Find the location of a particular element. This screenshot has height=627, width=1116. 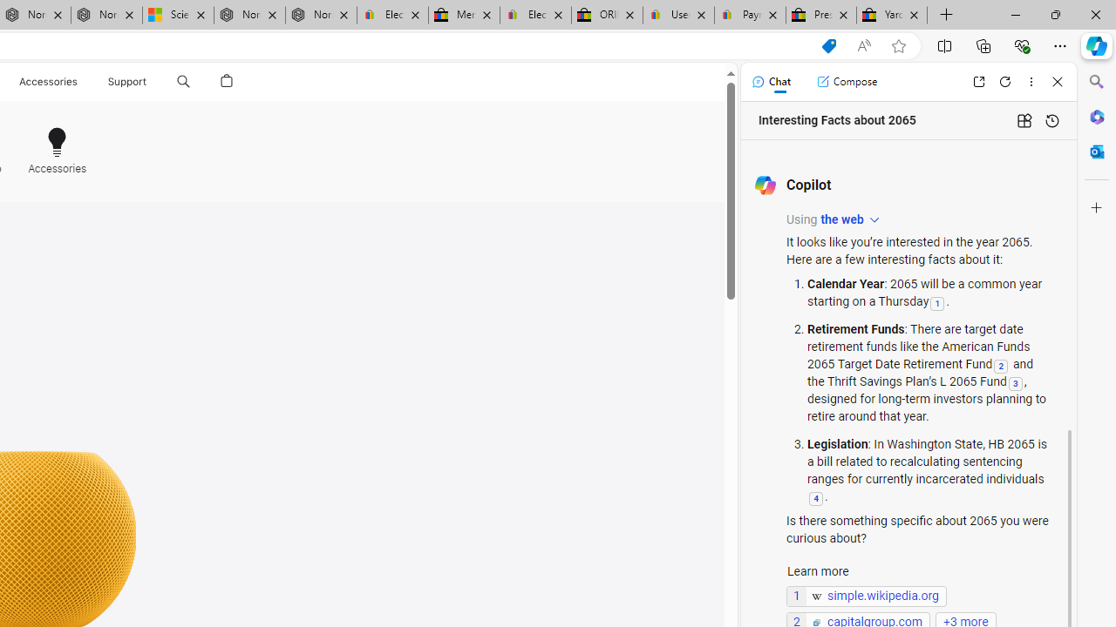

'Nordace - FAQ' is located at coordinates (321, 15).